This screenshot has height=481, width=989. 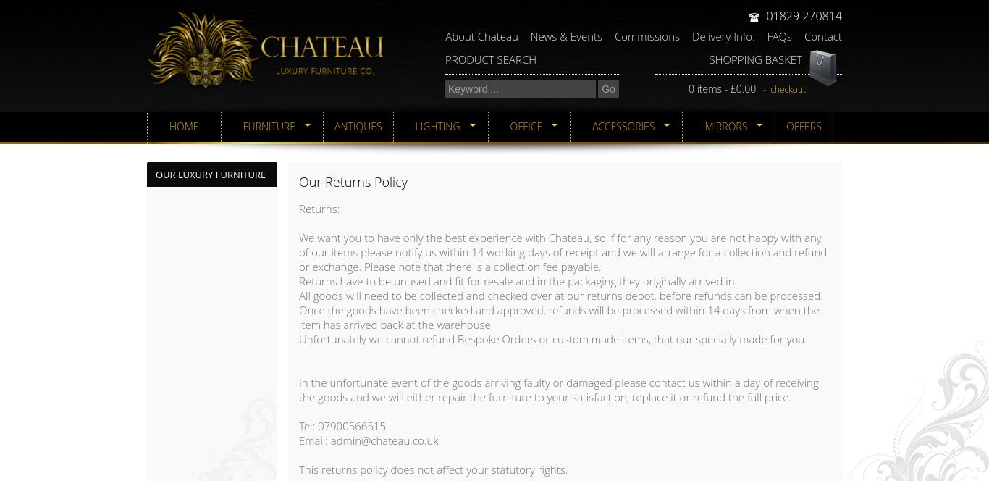 What do you see at coordinates (334, 126) in the screenshot?
I see `'Antiques'` at bounding box center [334, 126].